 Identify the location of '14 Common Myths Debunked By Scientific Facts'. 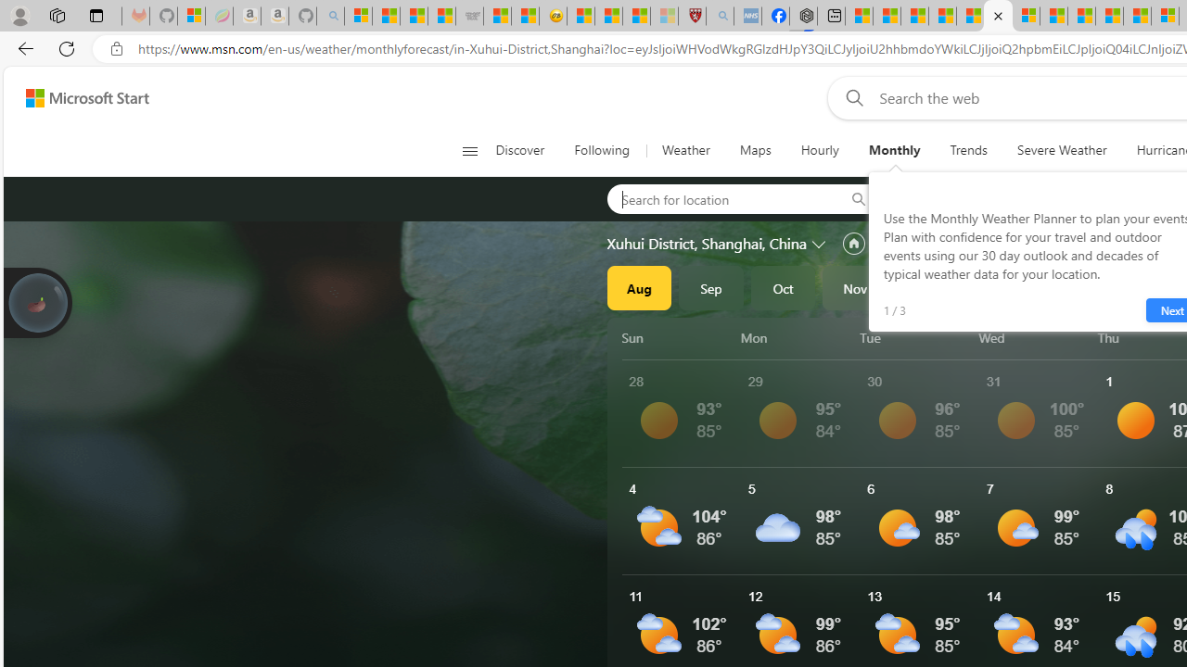
(1109, 16).